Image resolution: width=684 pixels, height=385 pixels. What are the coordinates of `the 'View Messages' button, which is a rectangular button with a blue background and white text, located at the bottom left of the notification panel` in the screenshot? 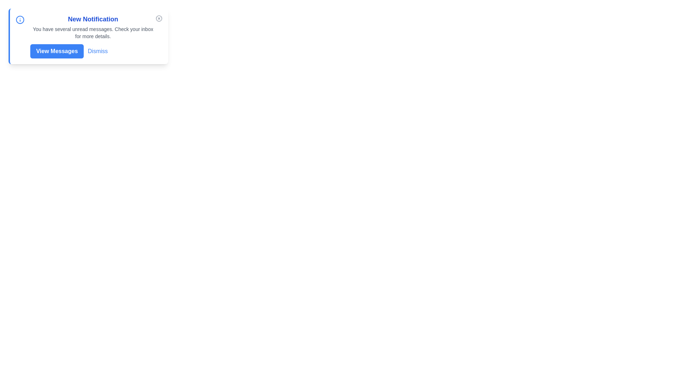 It's located at (56, 51).